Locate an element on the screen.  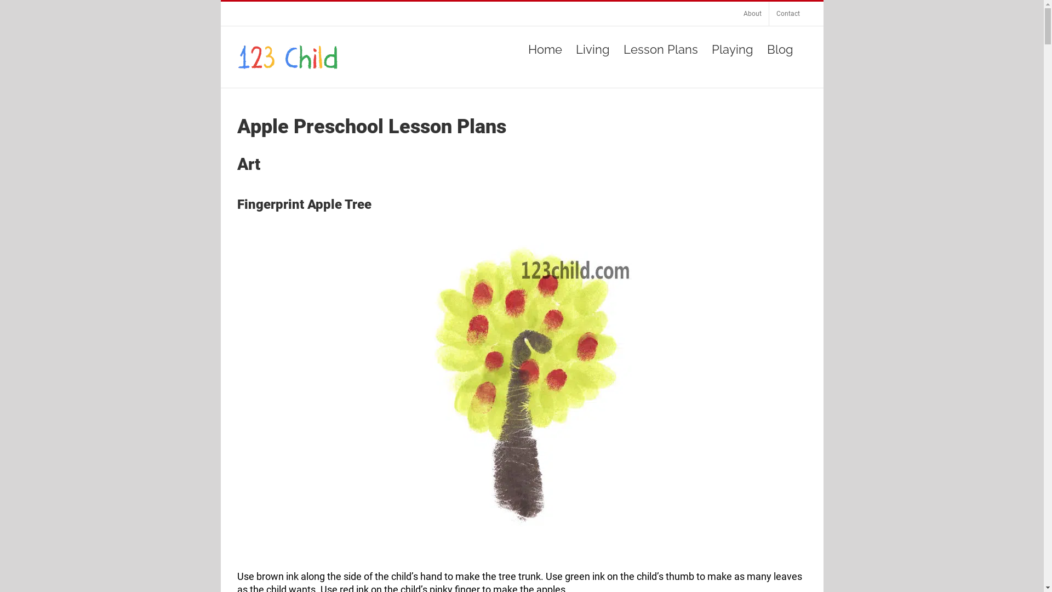
'Lesson Plans' is located at coordinates (660, 48).